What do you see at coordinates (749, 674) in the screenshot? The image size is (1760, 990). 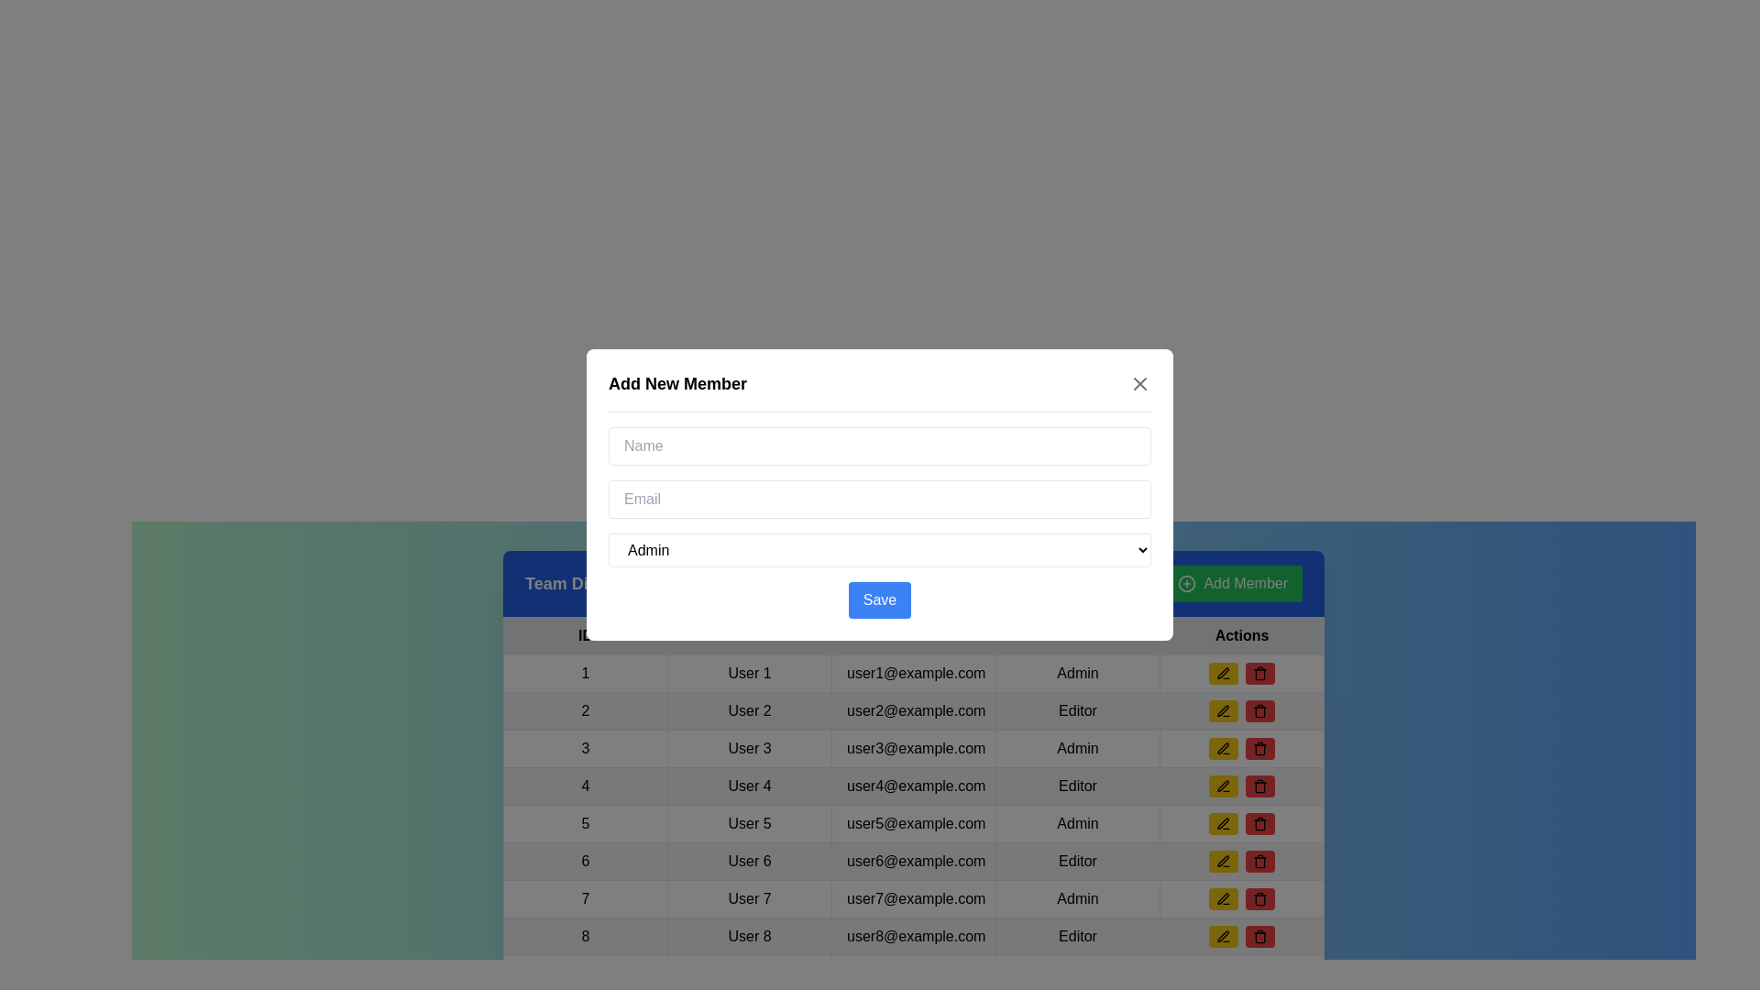 I see `the rectangular box containing the text 'User 1'` at bounding box center [749, 674].